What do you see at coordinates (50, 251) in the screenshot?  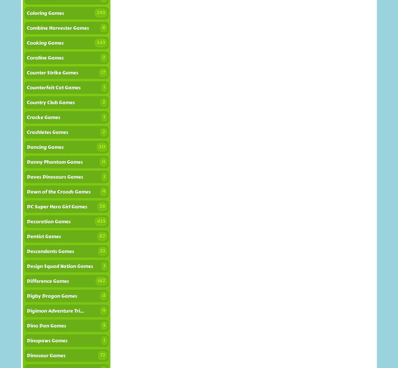 I see `'Descendants Games'` at bounding box center [50, 251].